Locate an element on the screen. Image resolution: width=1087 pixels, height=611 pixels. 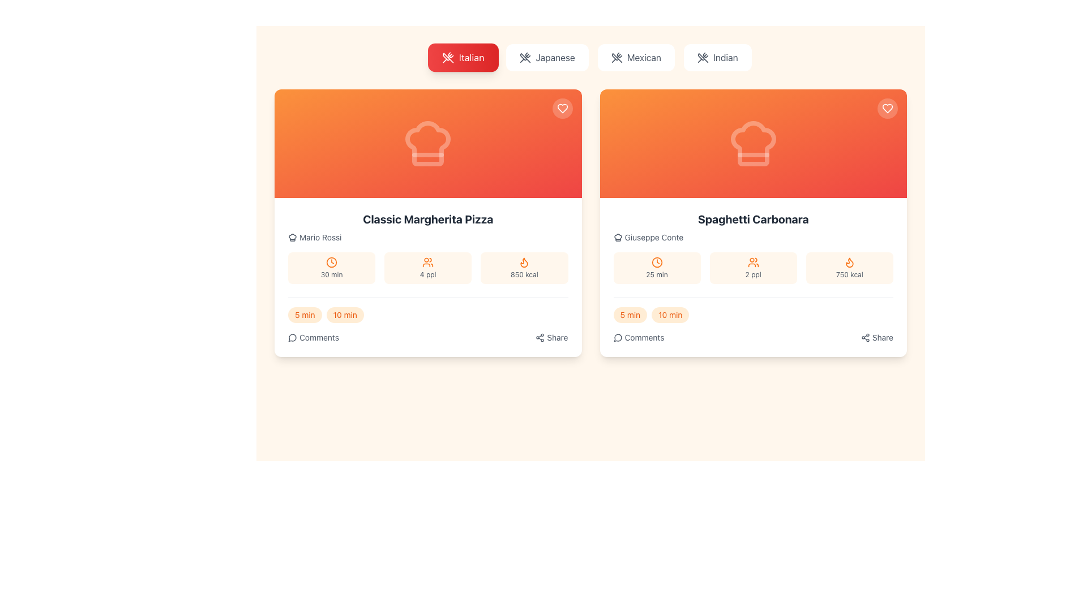
displayed time information from the Text with icon indicator that shows an estimated time of 25 minutes for a task, positioned on the right card in the second section of the layout is located at coordinates (657, 268).